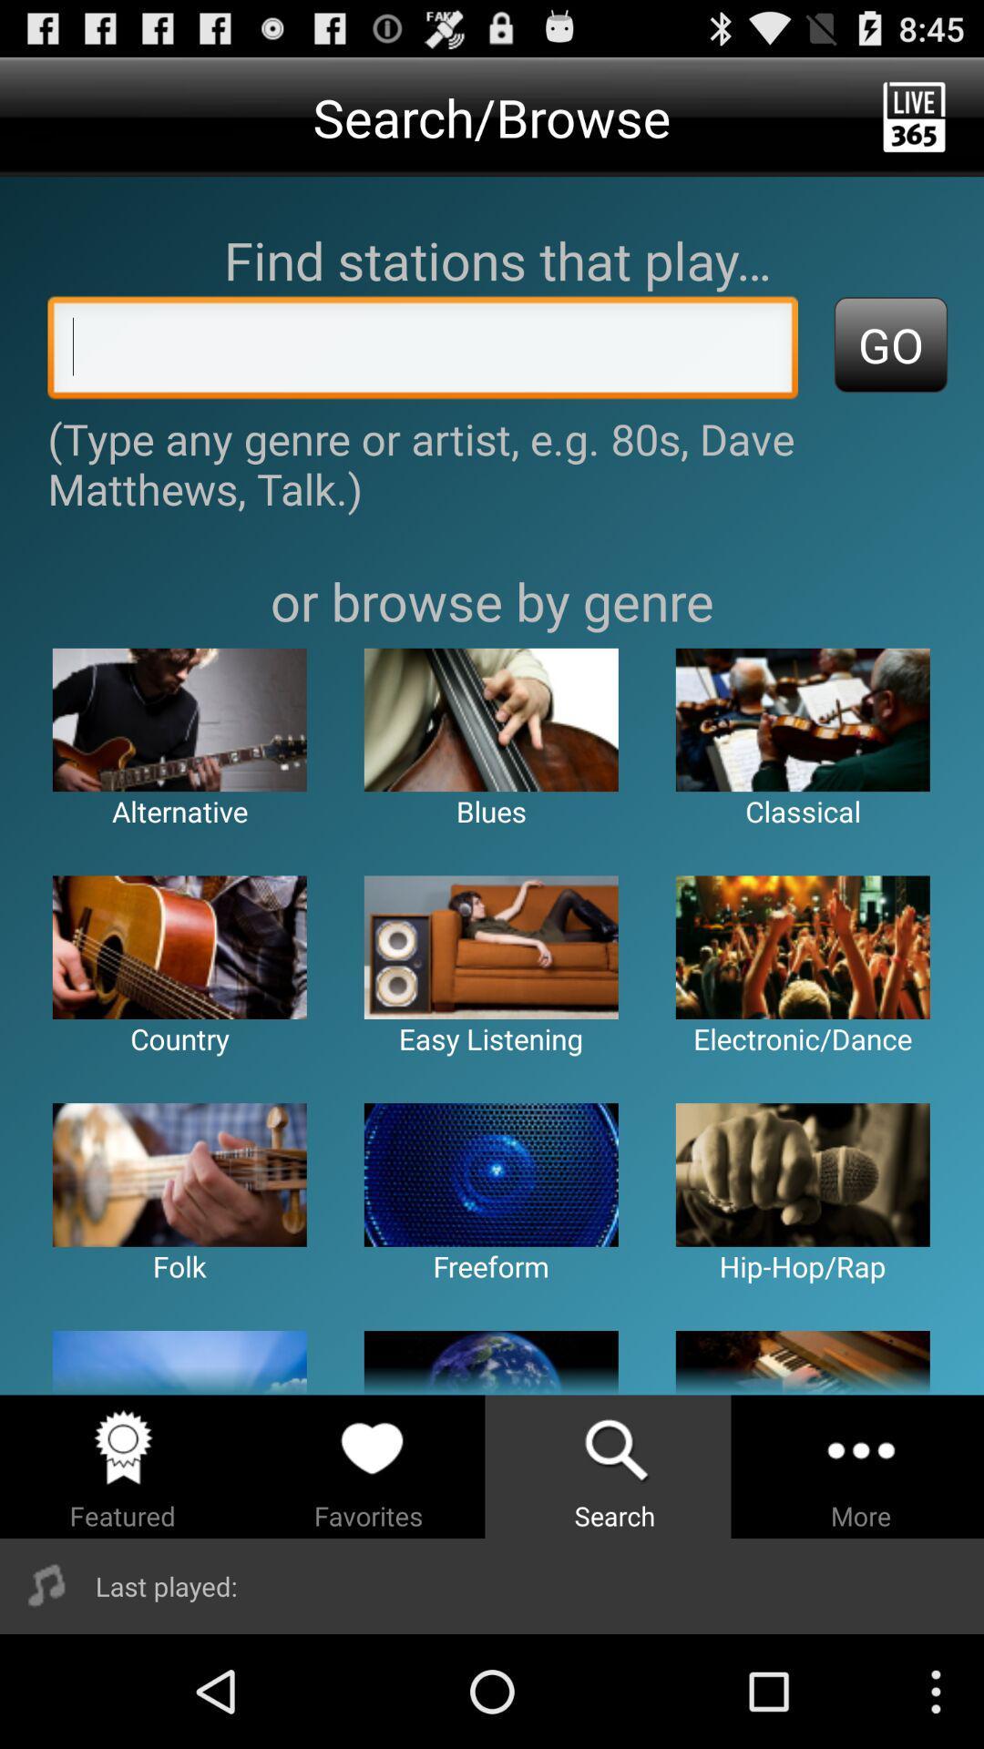 The image size is (984, 1749). I want to click on the go item, so click(890, 344).